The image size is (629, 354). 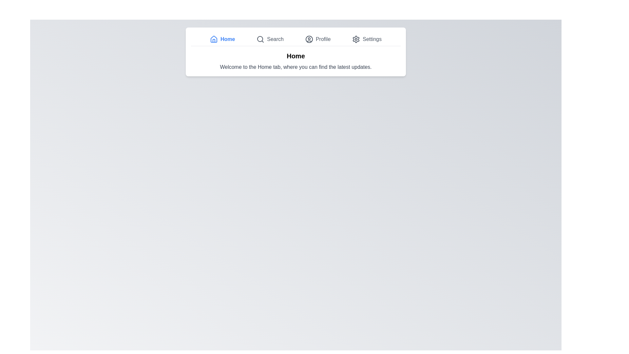 What do you see at coordinates (222, 39) in the screenshot?
I see `the 'Home' button, which features a blue house icon and bold blue text` at bounding box center [222, 39].